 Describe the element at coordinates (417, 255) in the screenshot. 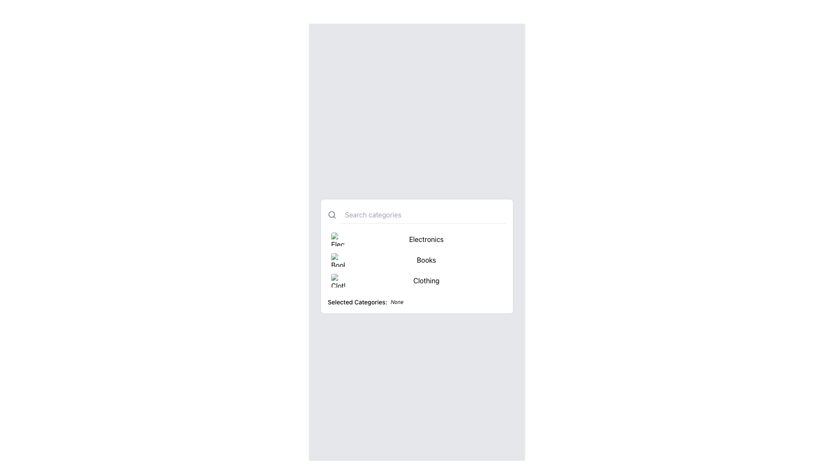

I see `the text label containing the word 'Books'` at that location.